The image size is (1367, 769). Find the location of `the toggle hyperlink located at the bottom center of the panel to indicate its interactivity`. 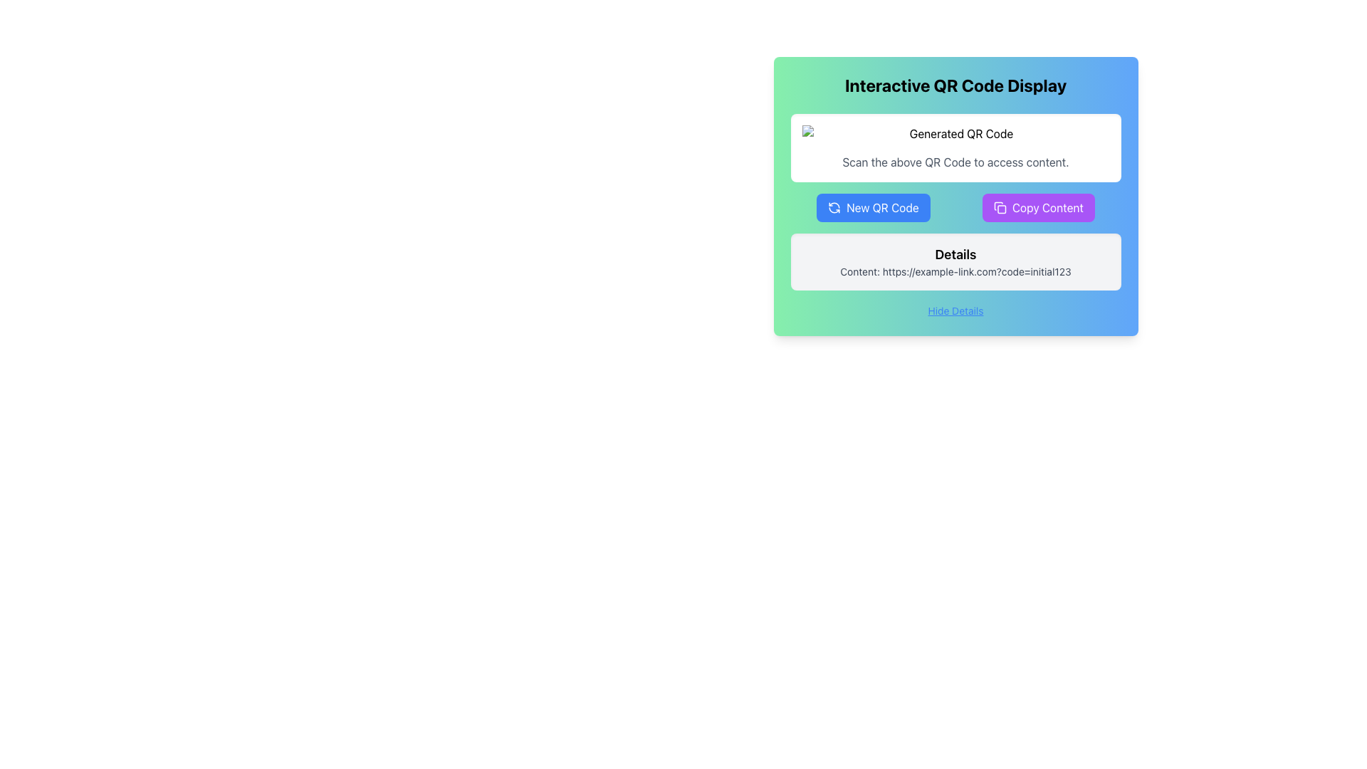

the toggle hyperlink located at the bottom center of the panel to indicate its interactivity is located at coordinates (955, 310).